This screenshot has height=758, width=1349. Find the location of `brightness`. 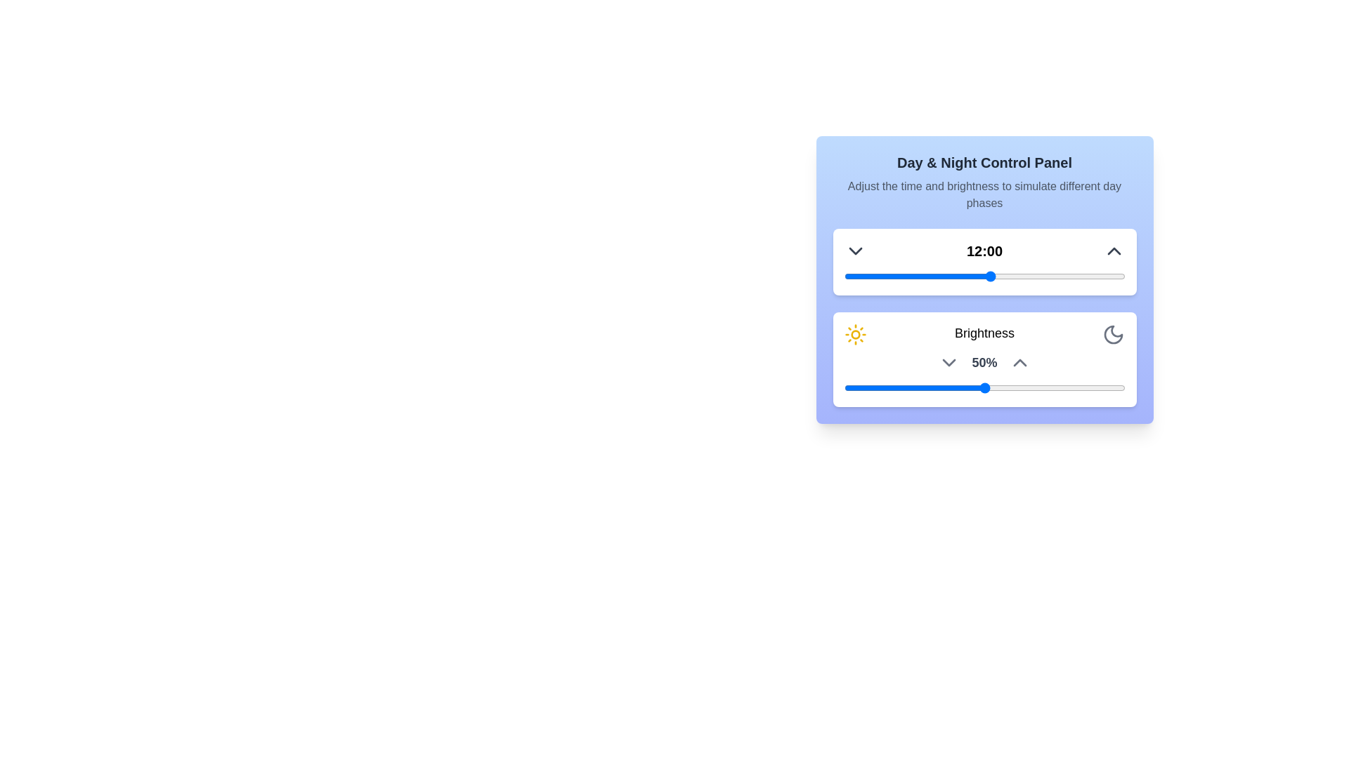

brightness is located at coordinates (1076, 387).